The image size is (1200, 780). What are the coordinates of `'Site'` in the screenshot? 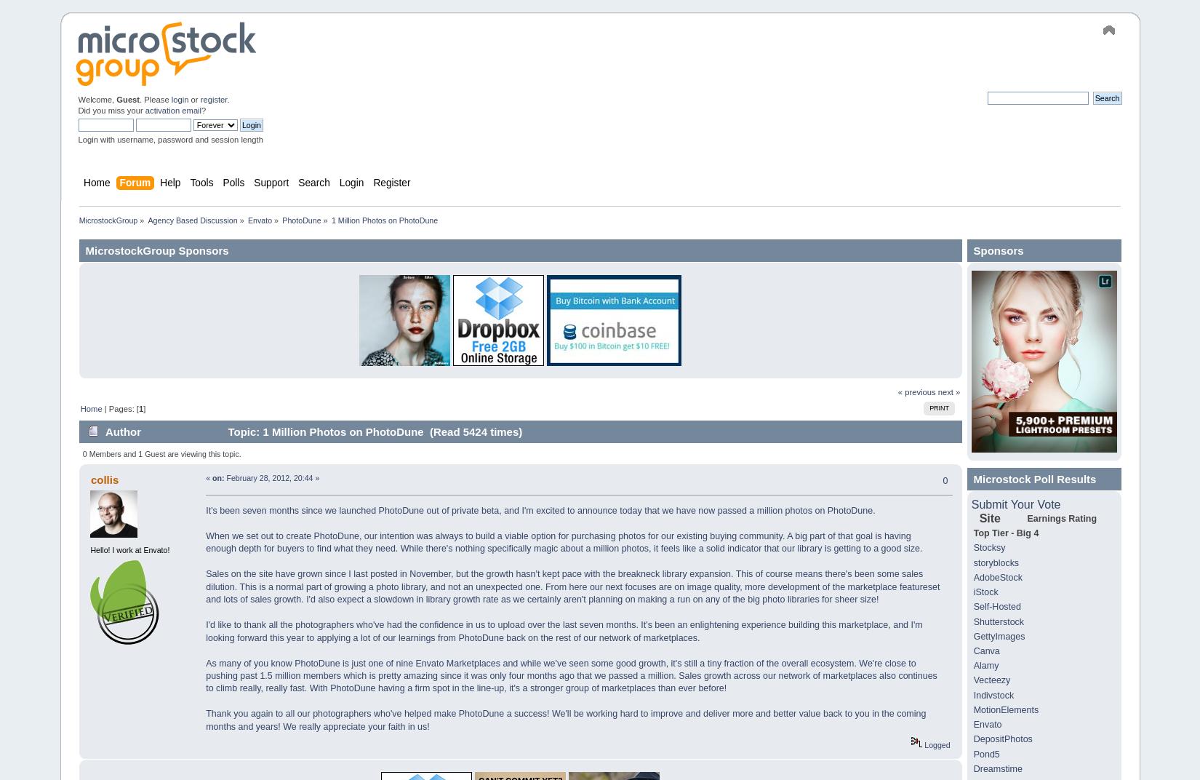 It's located at (988, 517).